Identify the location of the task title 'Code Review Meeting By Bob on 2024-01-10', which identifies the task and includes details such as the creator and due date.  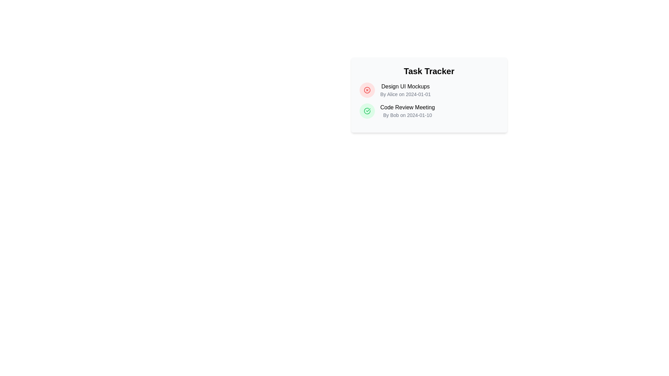
(407, 107).